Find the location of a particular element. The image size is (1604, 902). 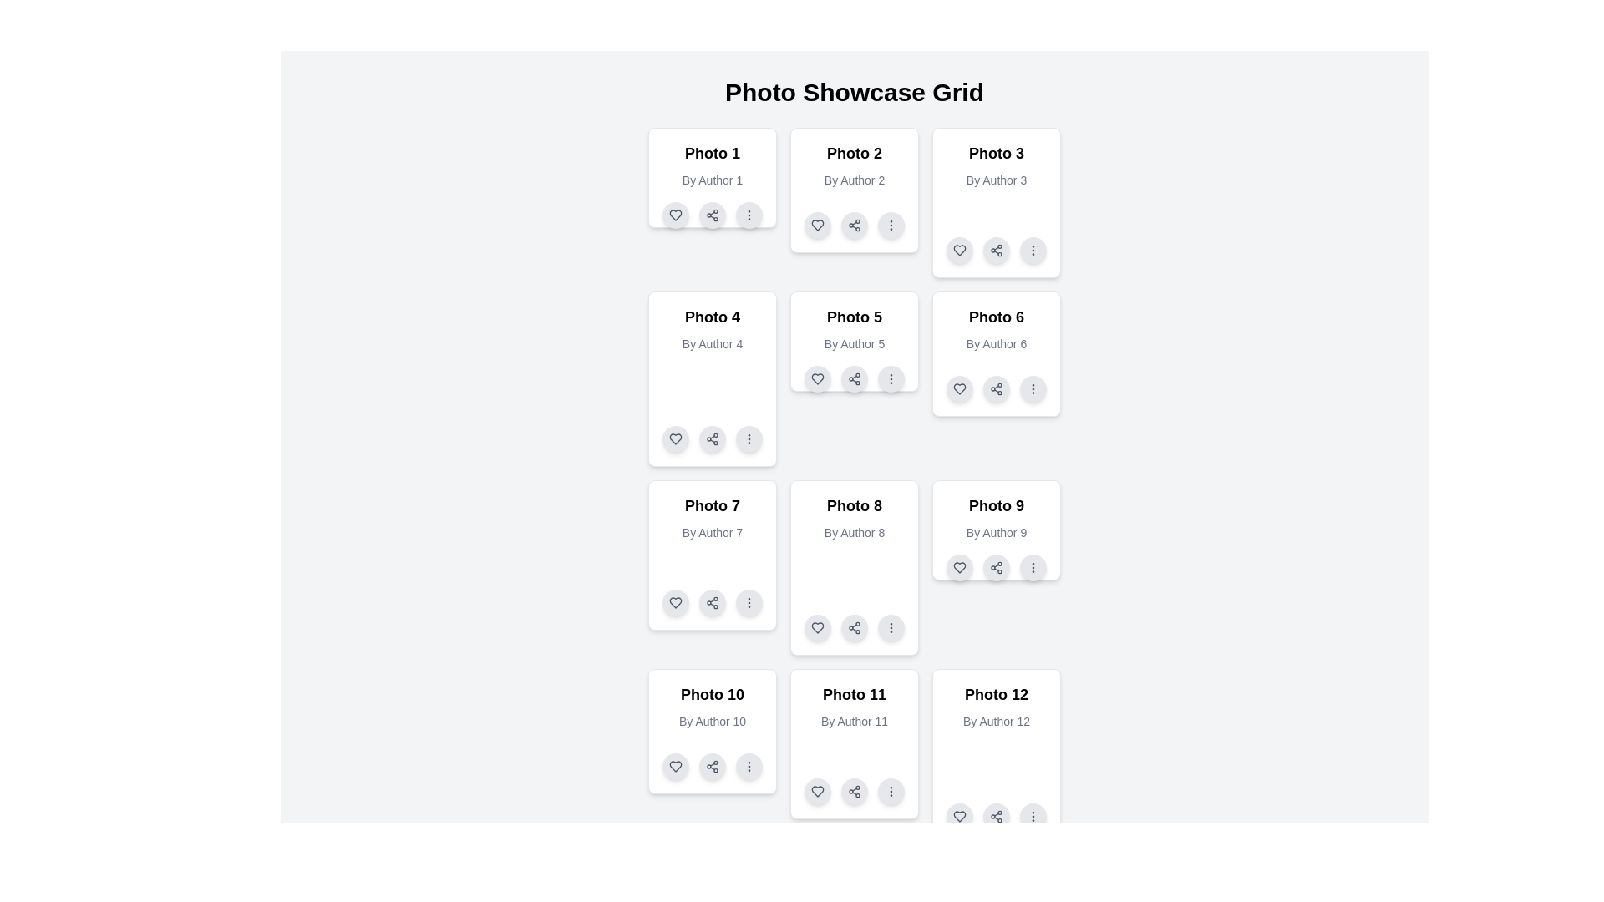

the heart-shaped icon styled in an outlined format, which represents a 'like' or 'favorite' action, located as the leftmost icon under the card labeled 'Photo 10' is located at coordinates (676, 767).